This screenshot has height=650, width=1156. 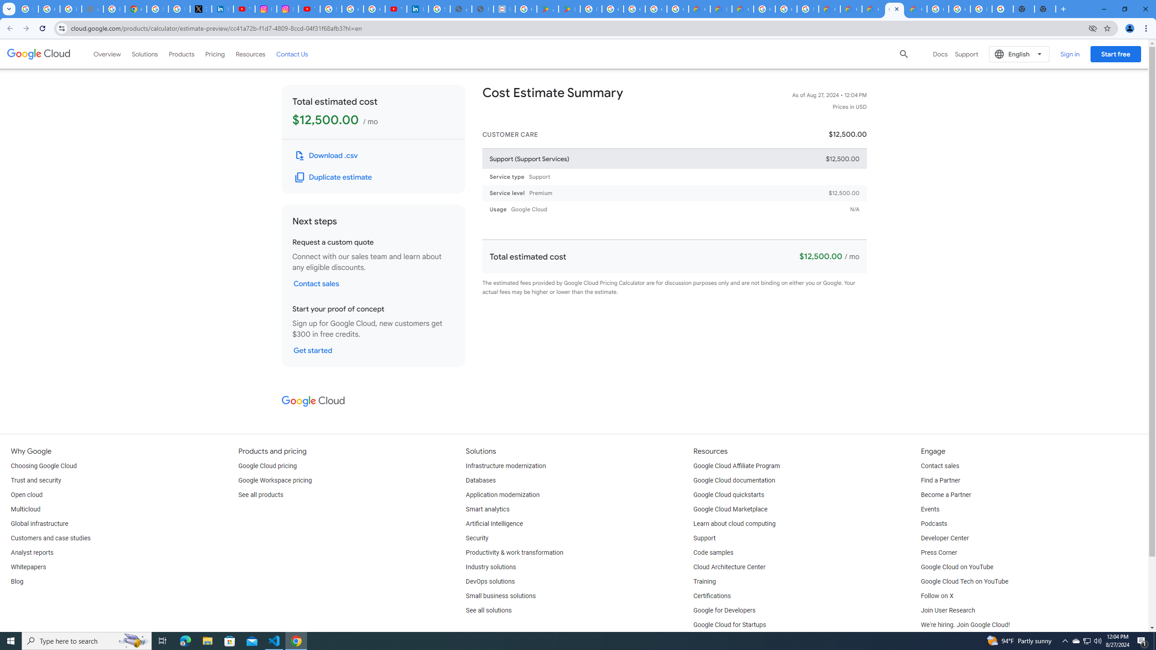 I want to click on 'Application modernization', so click(x=502, y=495).